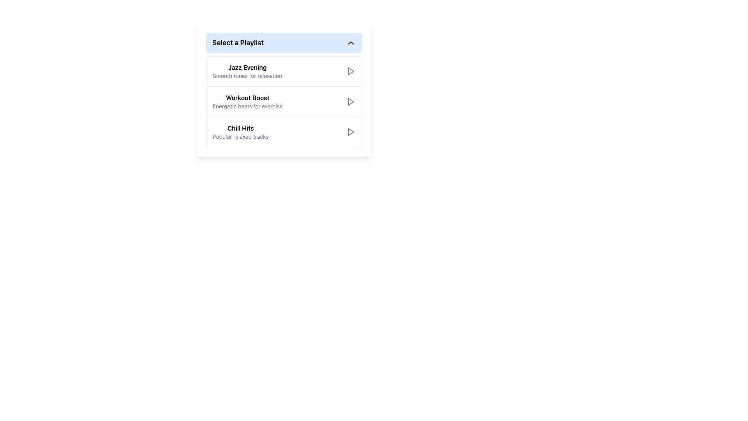 The height and width of the screenshot is (421, 748). Describe the element at coordinates (351, 101) in the screenshot. I see `the Play Button located on the right side of the 'Workout Boost' list item to play the playlist` at that location.